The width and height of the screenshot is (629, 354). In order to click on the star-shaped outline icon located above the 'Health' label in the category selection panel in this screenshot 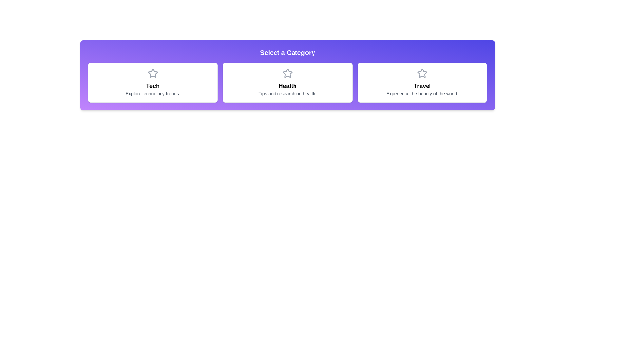, I will do `click(288, 73)`.